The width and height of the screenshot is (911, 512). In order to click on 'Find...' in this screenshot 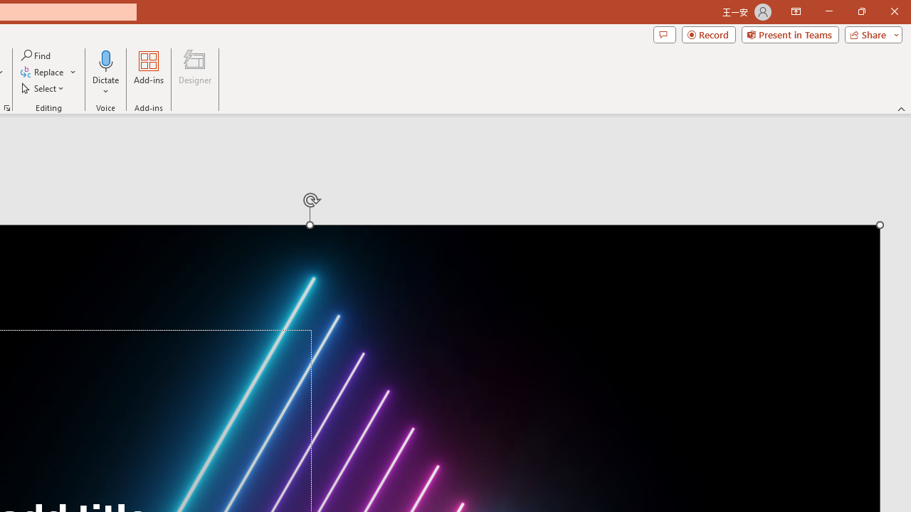, I will do `click(36, 55)`.